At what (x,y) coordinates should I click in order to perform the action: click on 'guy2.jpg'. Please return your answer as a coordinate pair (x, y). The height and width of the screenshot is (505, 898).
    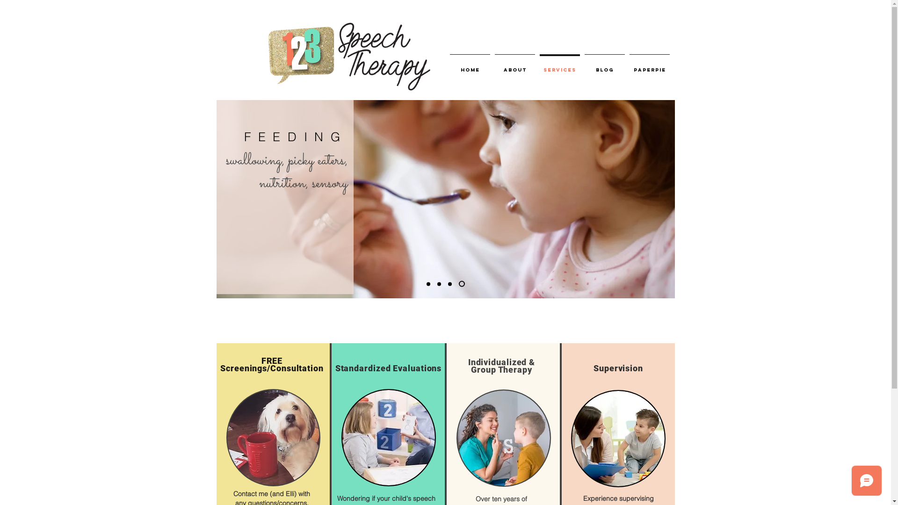
    Looking at the image, I should click on (617, 438).